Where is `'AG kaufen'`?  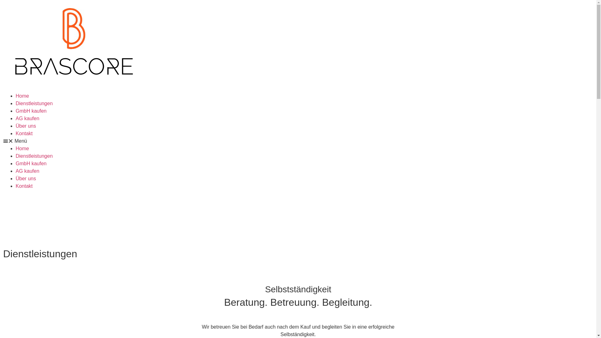
'AG kaufen' is located at coordinates (15, 171).